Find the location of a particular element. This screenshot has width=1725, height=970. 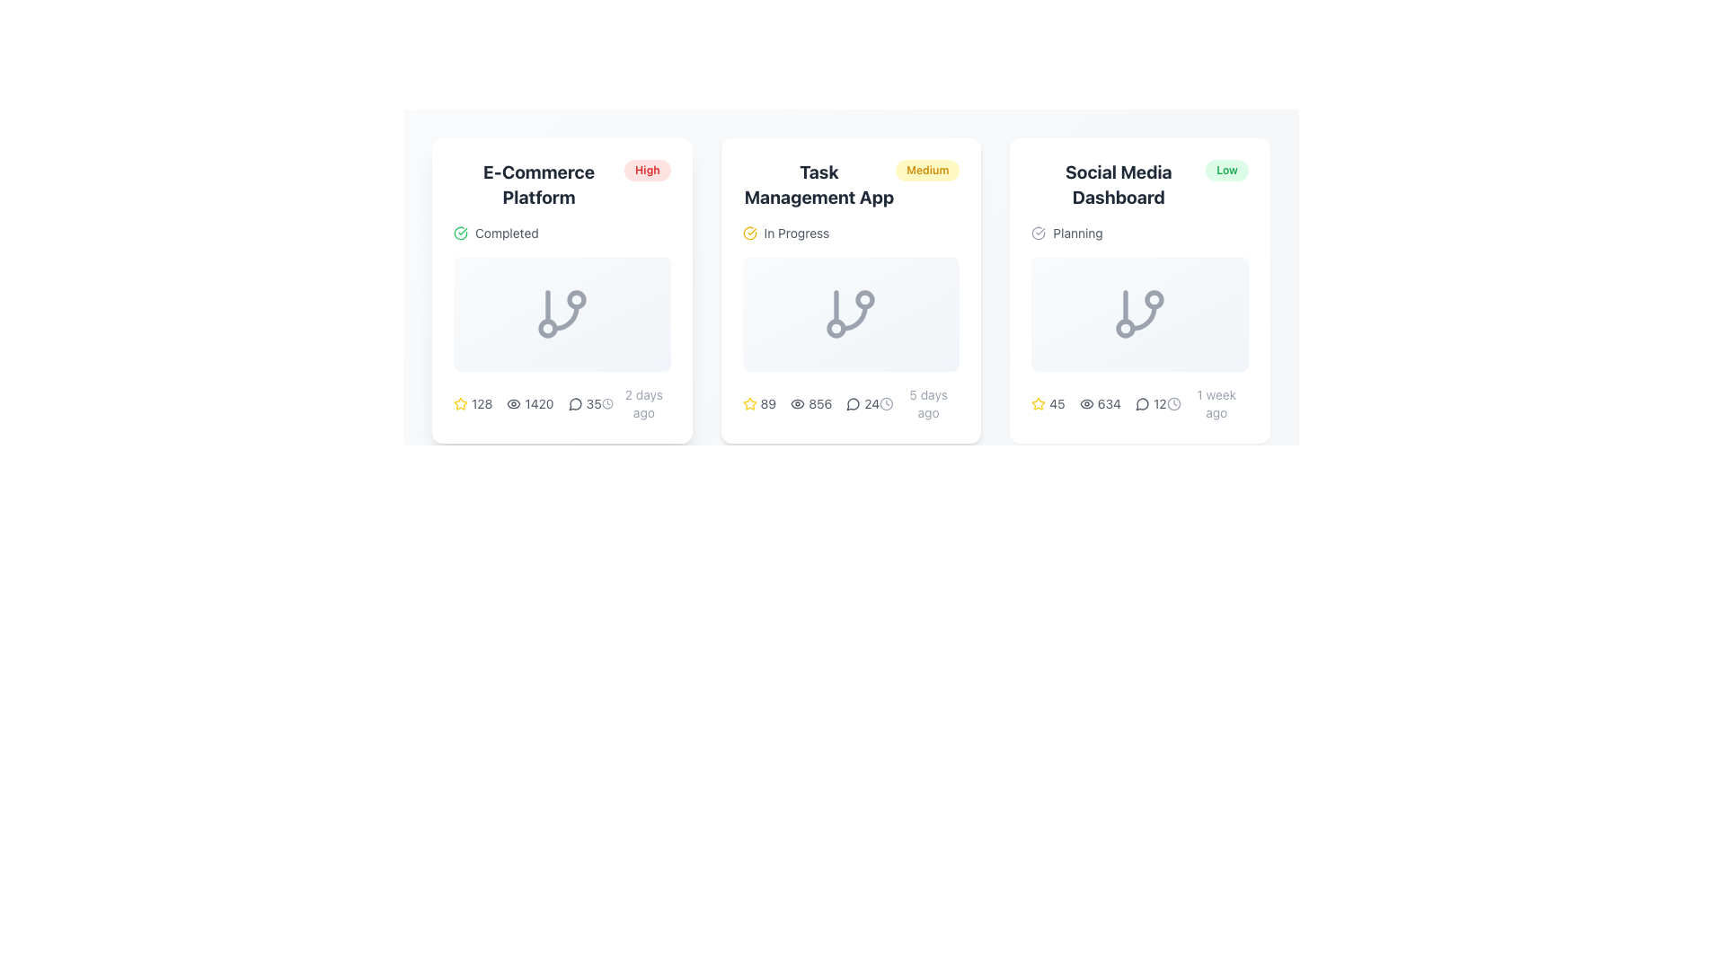

the clock icon, which is a minimalist circular icon with clock hands, located to the left of the text '1 week ago' in the bottom section of the 'Social Media Dashboard' card is located at coordinates (1173, 404).